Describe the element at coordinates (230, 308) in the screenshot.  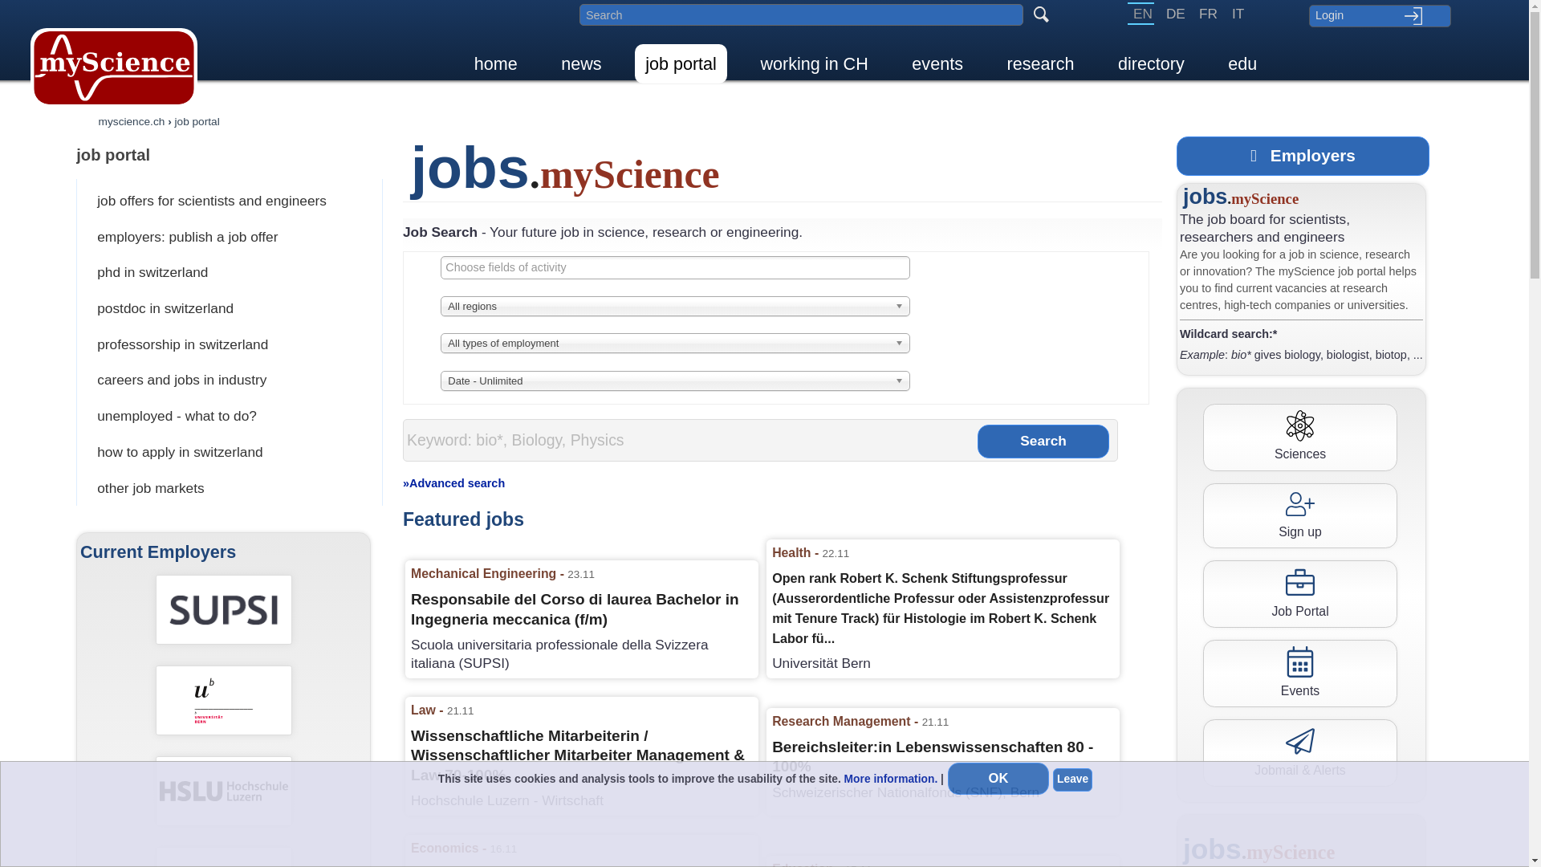
I see `'postdoc in switzerland'` at that location.